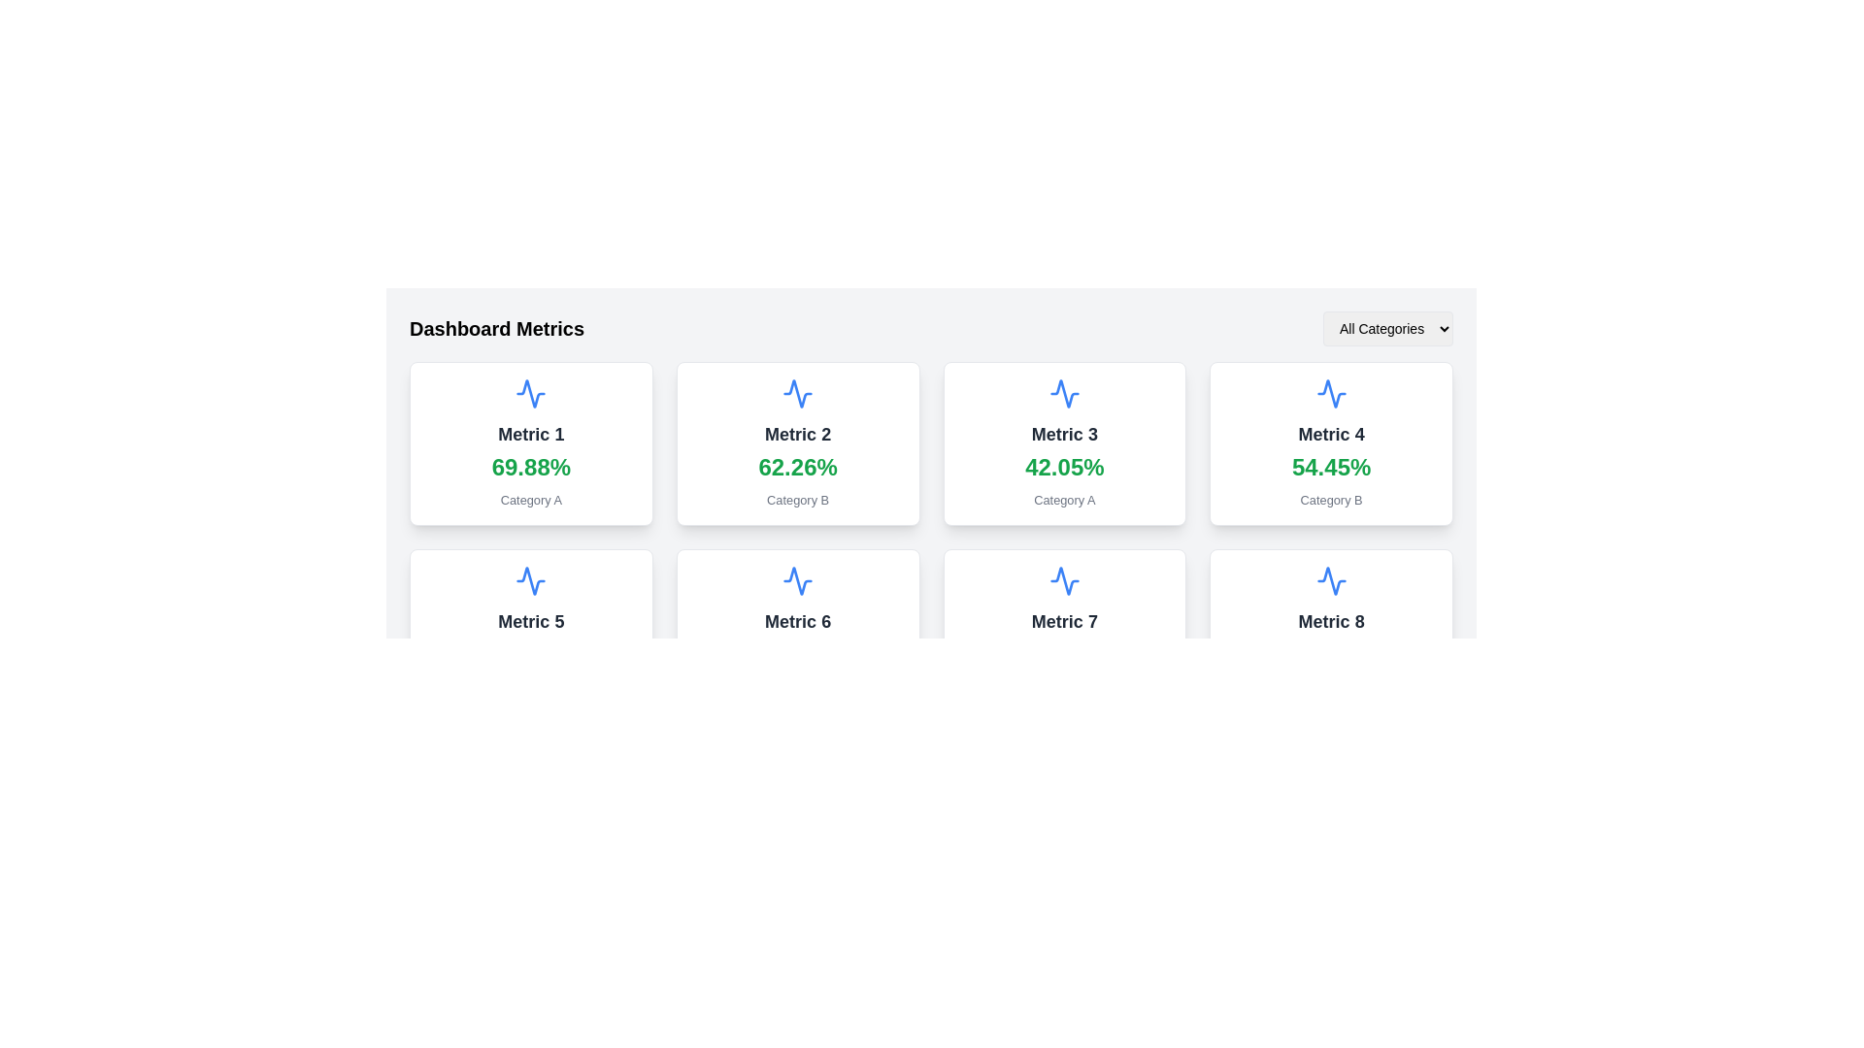 Image resolution: width=1864 pixels, height=1048 pixels. I want to click on the simplified line icon resembling a waveform or heartbeat located at the center top of the card labeled 'Metric 8' in the lower right corner of the grid layout, so click(1330, 580).